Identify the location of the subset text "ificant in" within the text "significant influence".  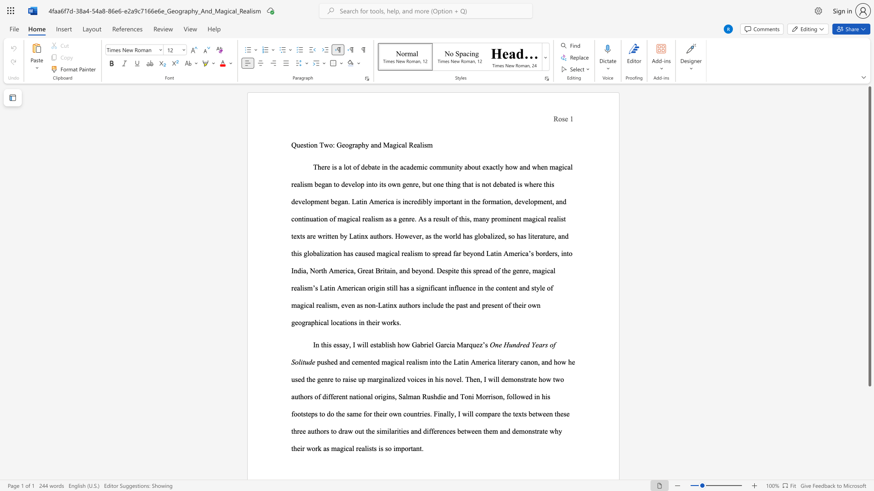
(427, 288).